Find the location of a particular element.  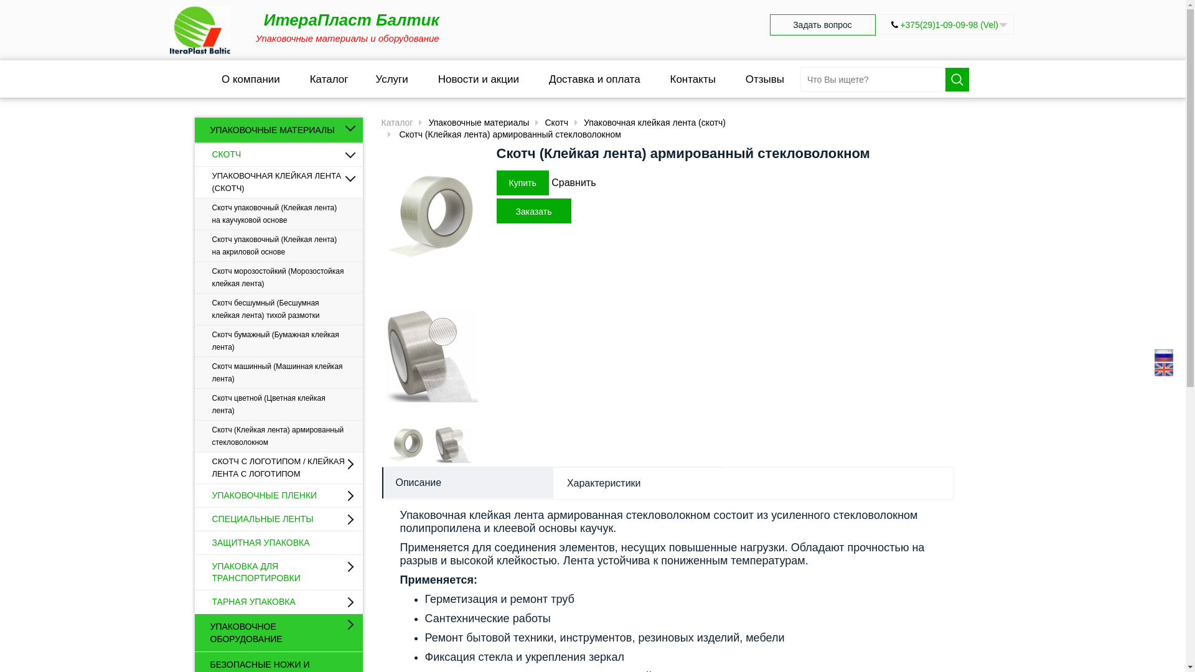

'+375(29)1-09-09-98 (Vel)' is located at coordinates (949, 24).